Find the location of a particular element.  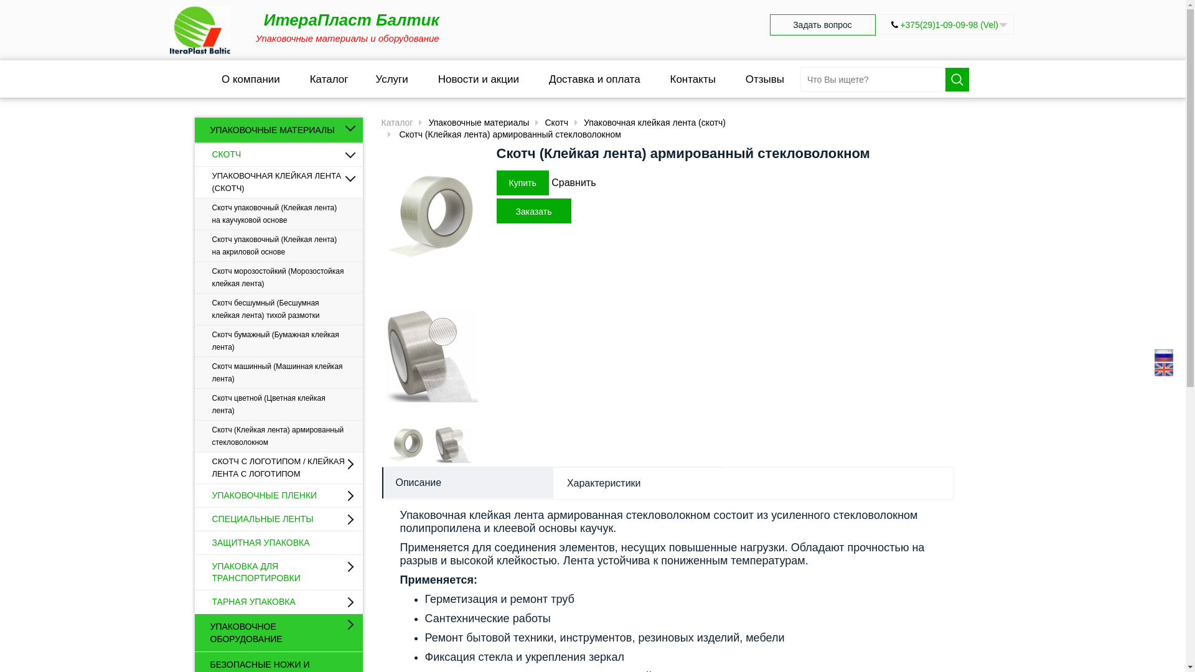

'+375(29)1-09-09-98 (Vel)' is located at coordinates (949, 24).